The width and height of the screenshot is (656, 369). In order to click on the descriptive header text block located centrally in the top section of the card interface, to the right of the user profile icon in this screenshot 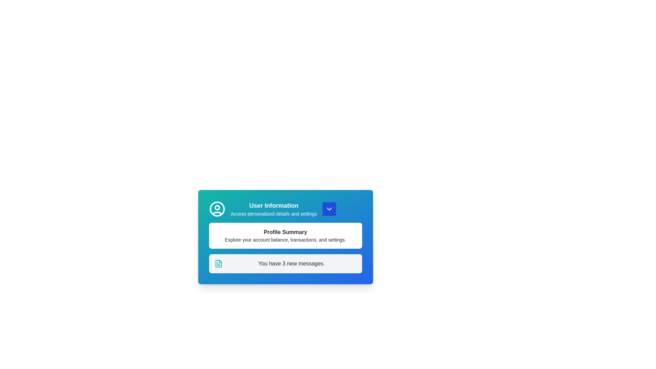, I will do `click(274, 209)`.